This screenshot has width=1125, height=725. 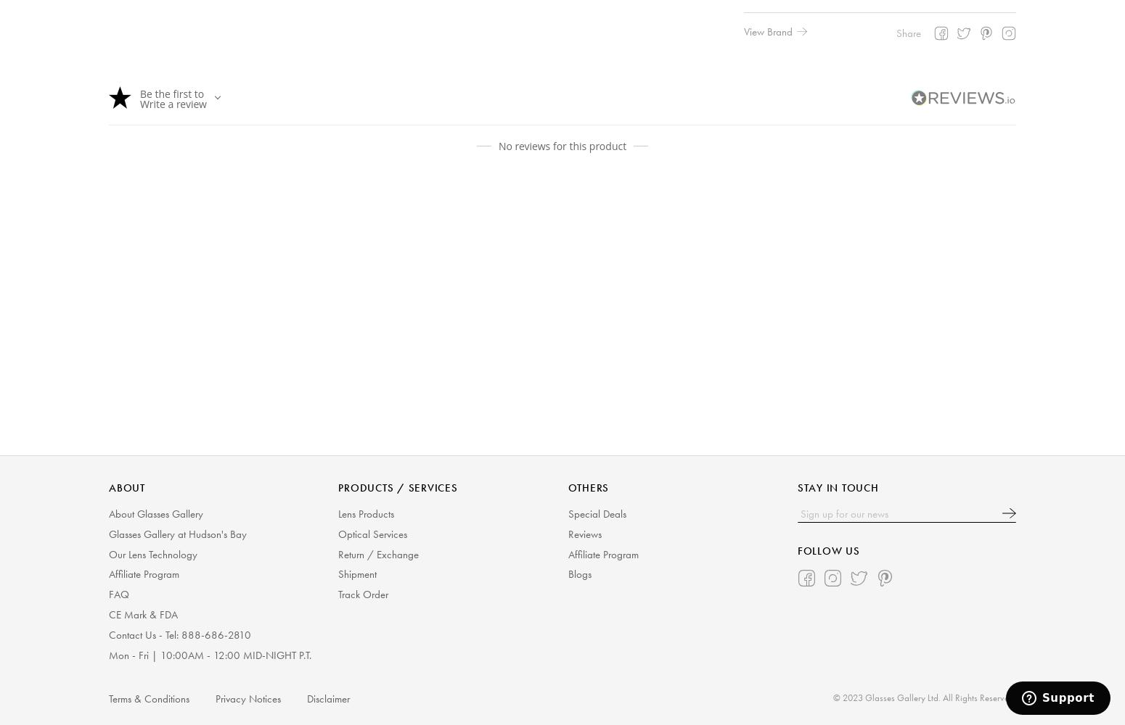 I want to click on '© 2023 Glasses Gallery Ltd. All Rights Reserved.', so click(x=832, y=696).